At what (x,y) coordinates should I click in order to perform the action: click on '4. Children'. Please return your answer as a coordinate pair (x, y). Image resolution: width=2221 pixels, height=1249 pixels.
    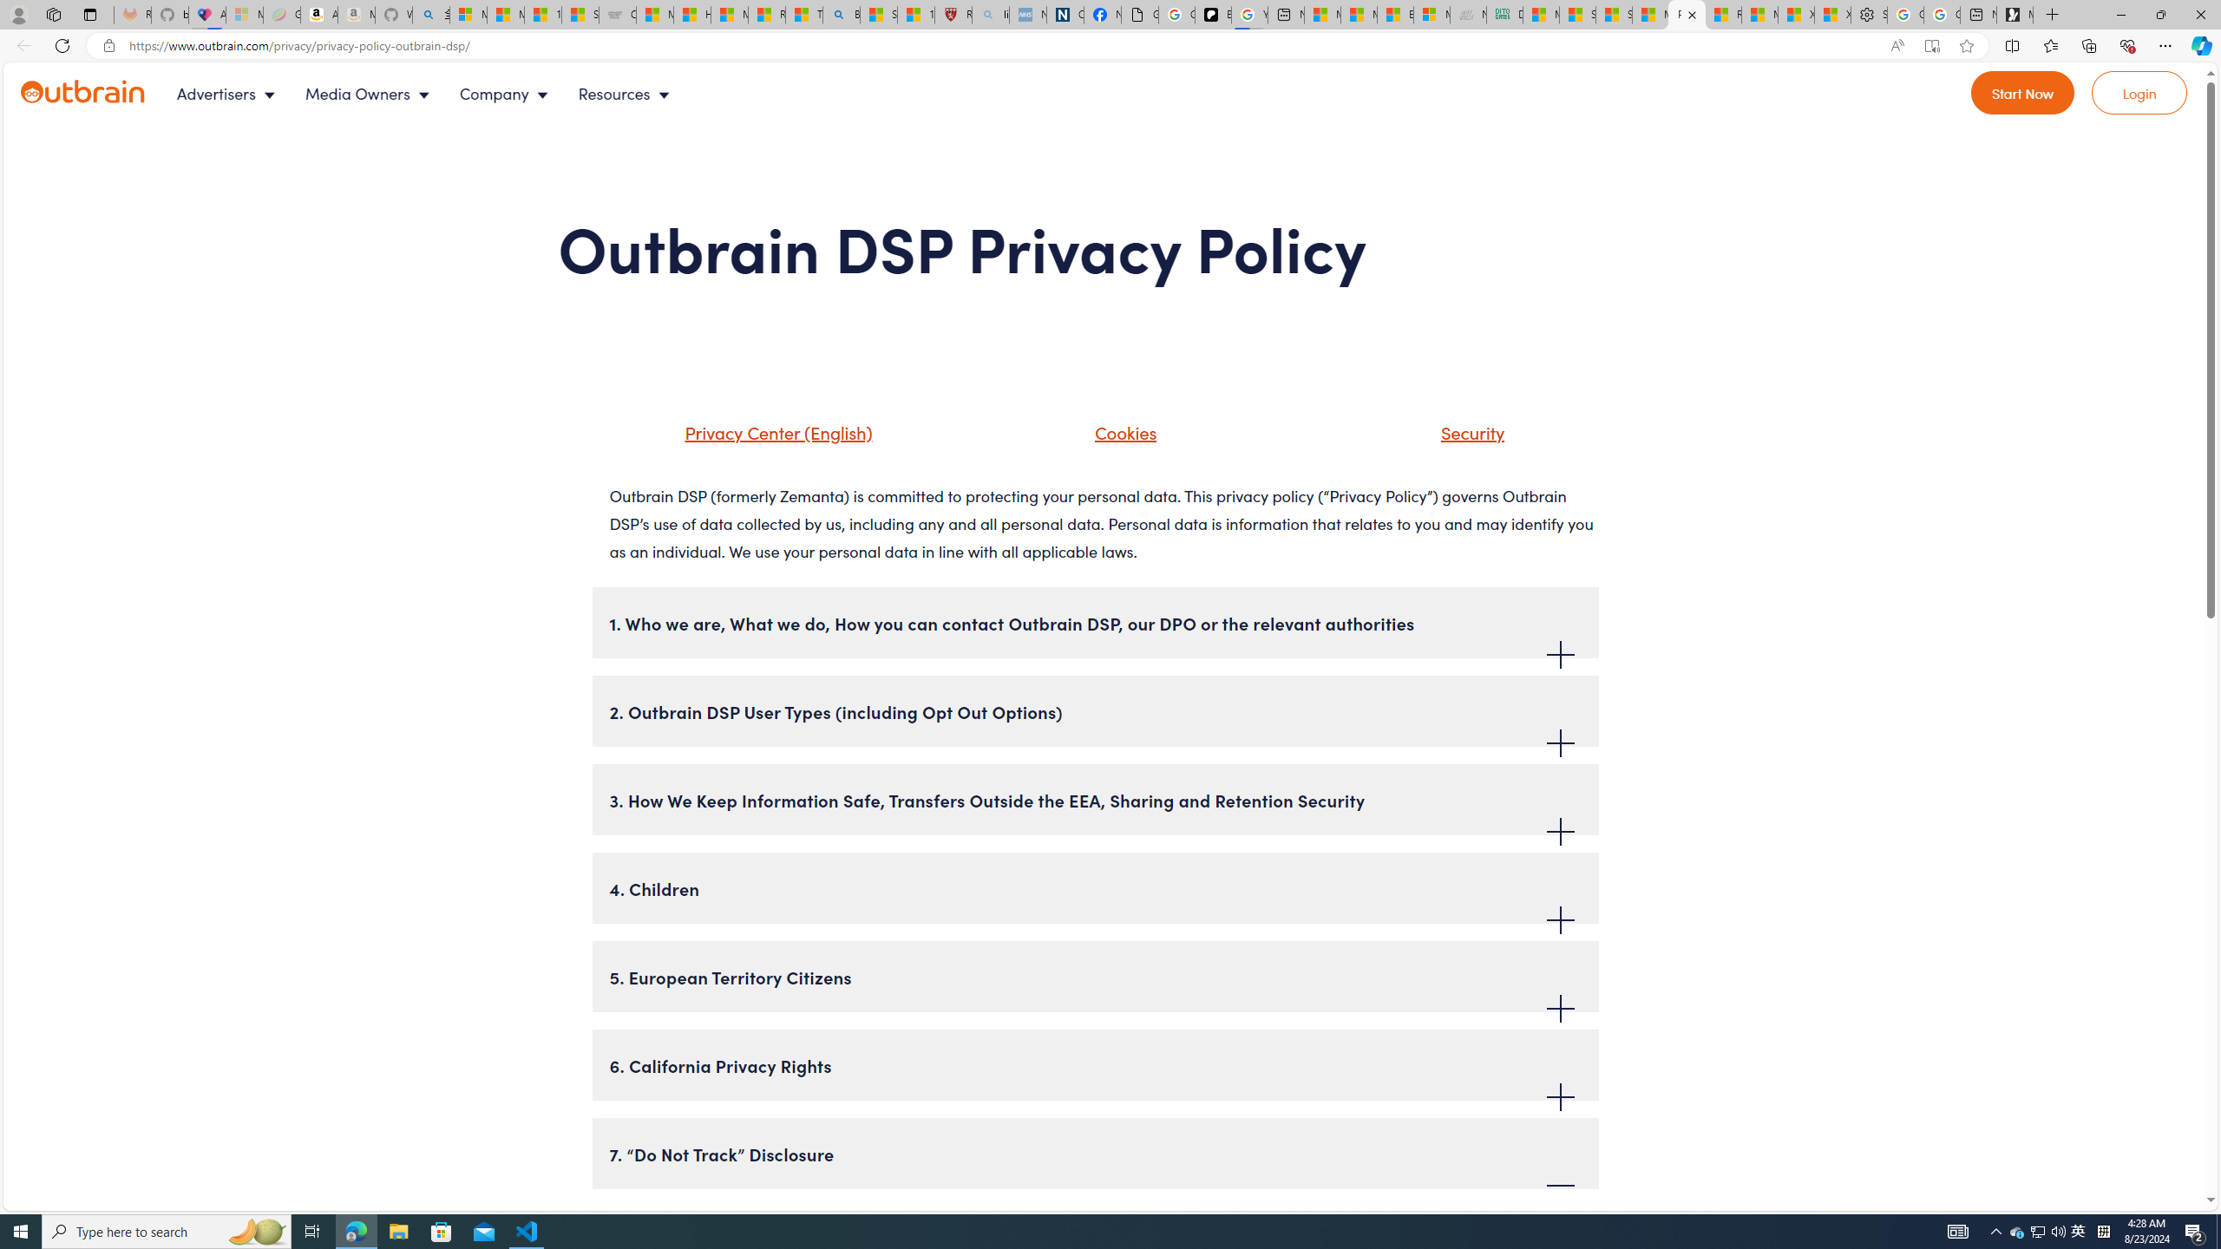
    Looking at the image, I should click on (1094, 887).